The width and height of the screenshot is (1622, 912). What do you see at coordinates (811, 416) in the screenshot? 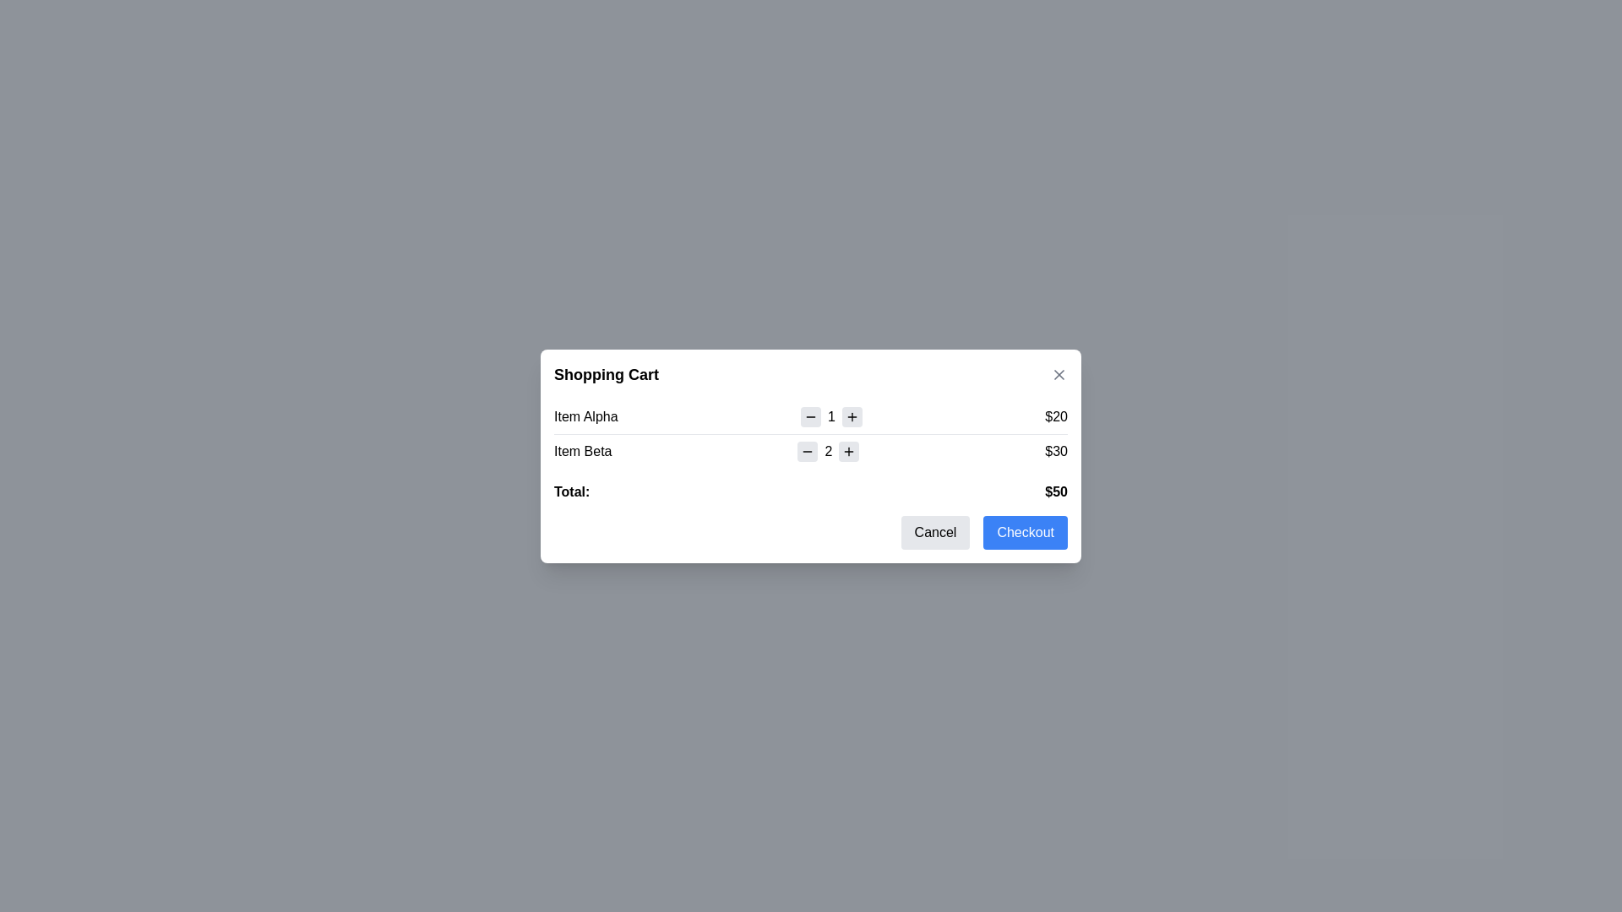
I see `the small gray button with rounded corners that has a centered horizontal minus icon, representing a decrement action for 'Item Alpha' in the shopping cart interface` at bounding box center [811, 416].